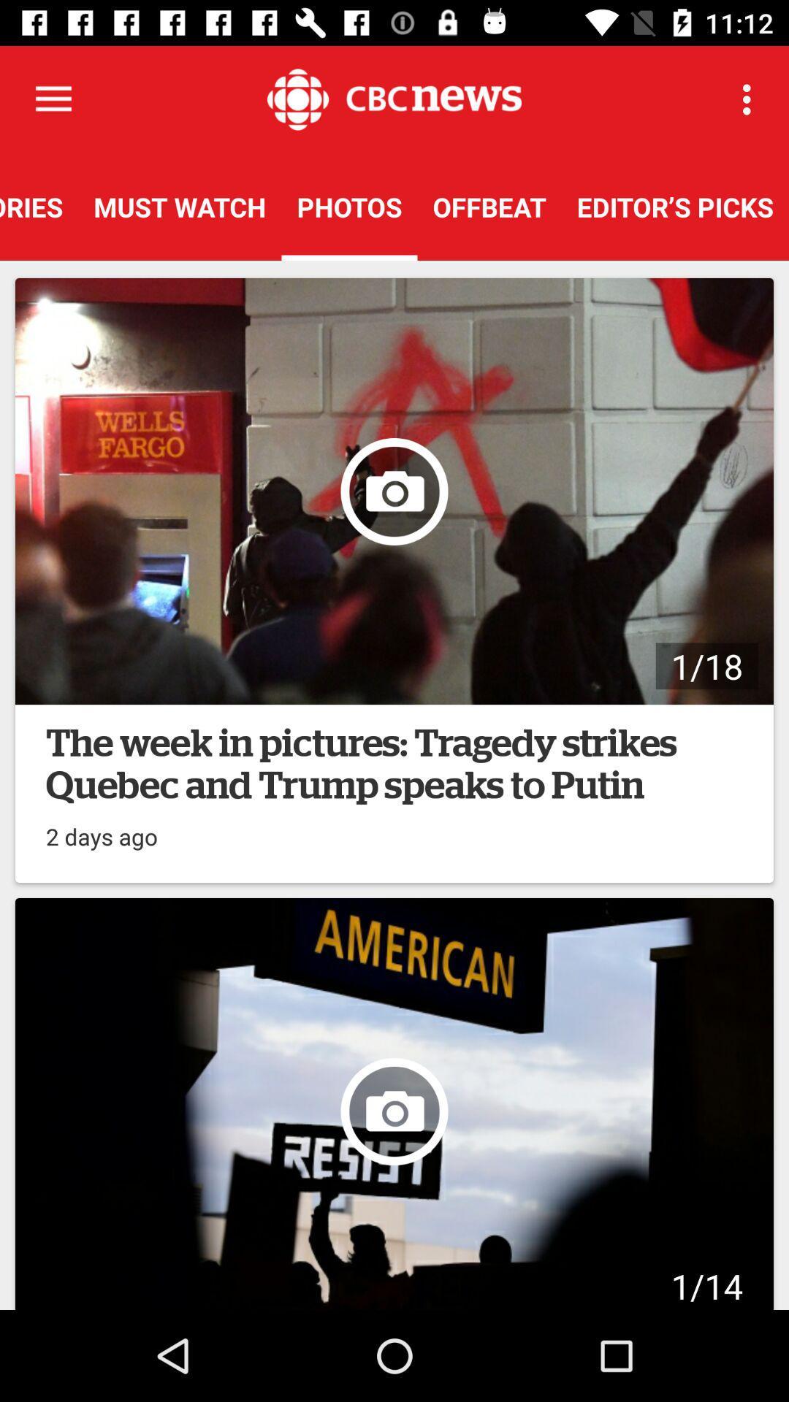  What do you see at coordinates (179, 206) in the screenshot?
I see `item next to top stories item` at bounding box center [179, 206].